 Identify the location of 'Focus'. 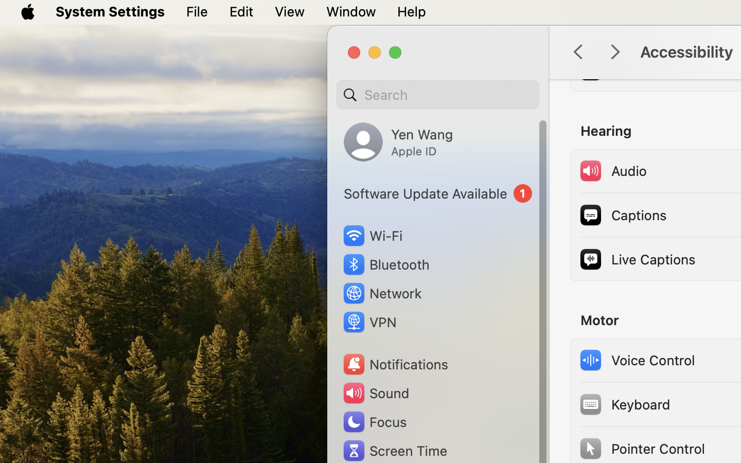
(374, 421).